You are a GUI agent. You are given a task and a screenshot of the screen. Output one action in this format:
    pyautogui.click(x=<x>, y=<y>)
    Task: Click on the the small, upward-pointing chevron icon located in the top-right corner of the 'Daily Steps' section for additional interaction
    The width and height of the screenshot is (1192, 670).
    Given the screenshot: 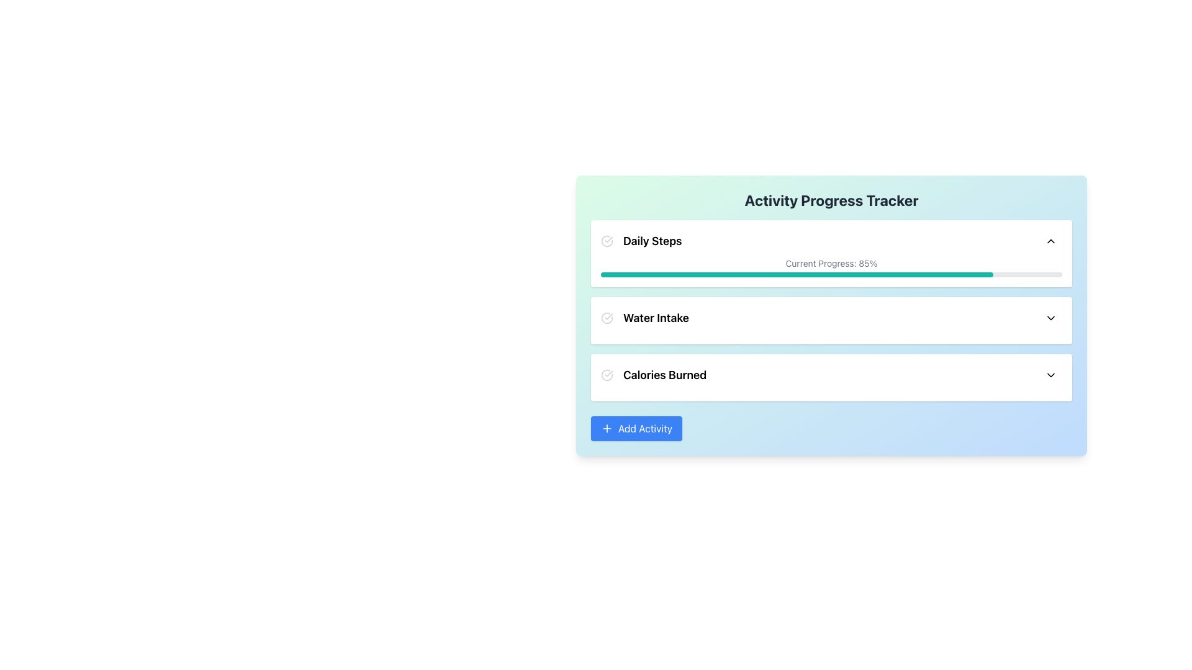 What is the action you would take?
    pyautogui.click(x=1050, y=241)
    